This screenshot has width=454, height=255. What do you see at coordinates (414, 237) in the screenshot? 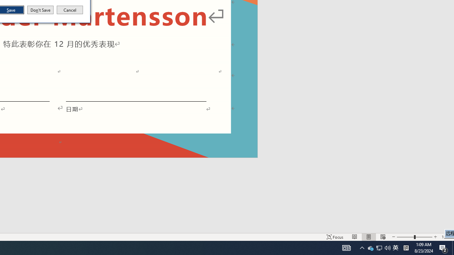
I see `'Zoom'` at bounding box center [414, 237].